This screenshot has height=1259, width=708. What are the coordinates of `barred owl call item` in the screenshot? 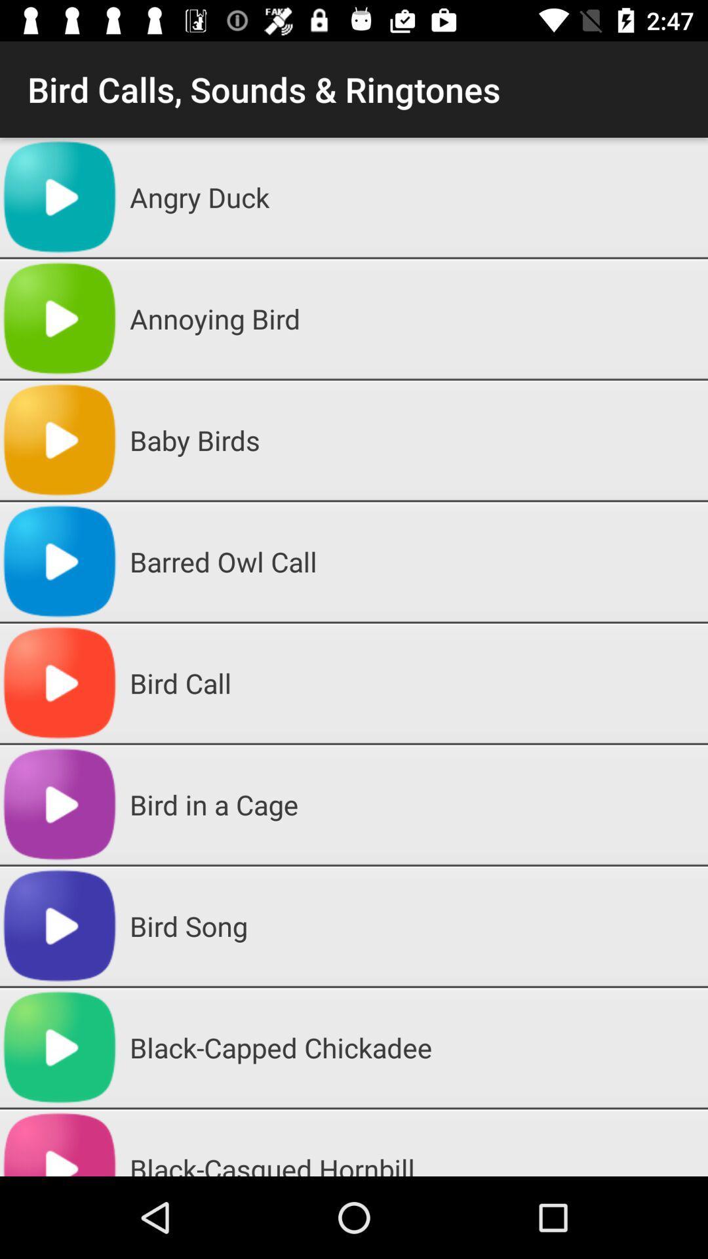 It's located at (414, 561).